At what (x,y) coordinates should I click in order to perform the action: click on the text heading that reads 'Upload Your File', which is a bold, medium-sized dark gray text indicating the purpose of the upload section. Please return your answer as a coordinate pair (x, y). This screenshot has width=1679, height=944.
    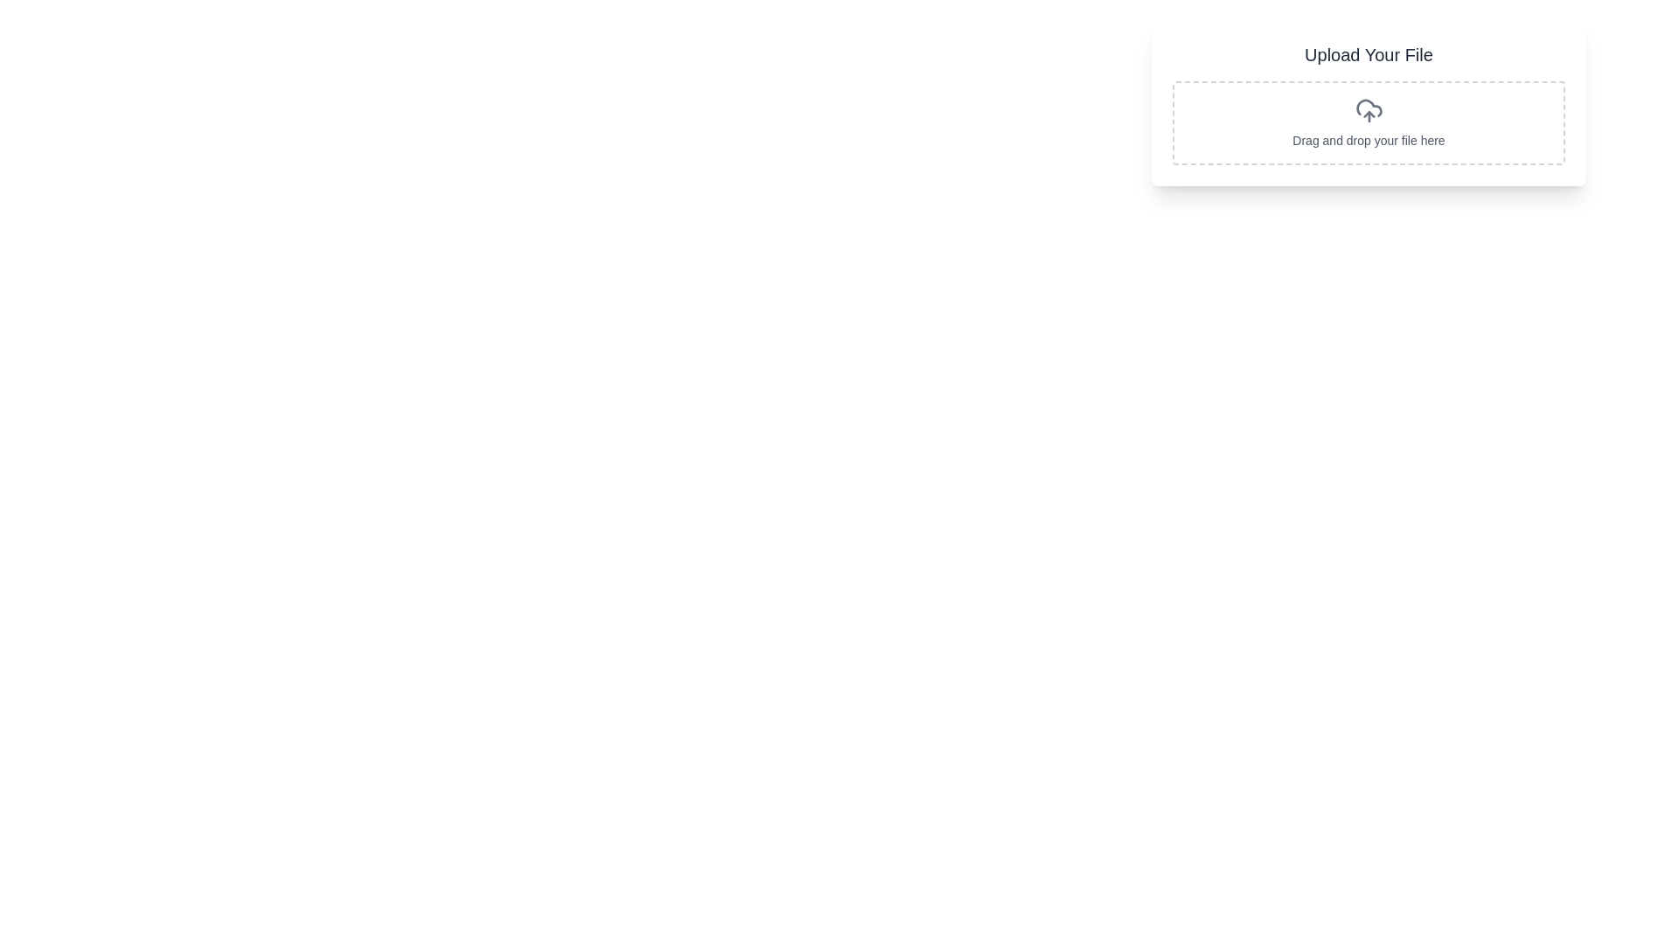
    Looking at the image, I should click on (1368, 53).